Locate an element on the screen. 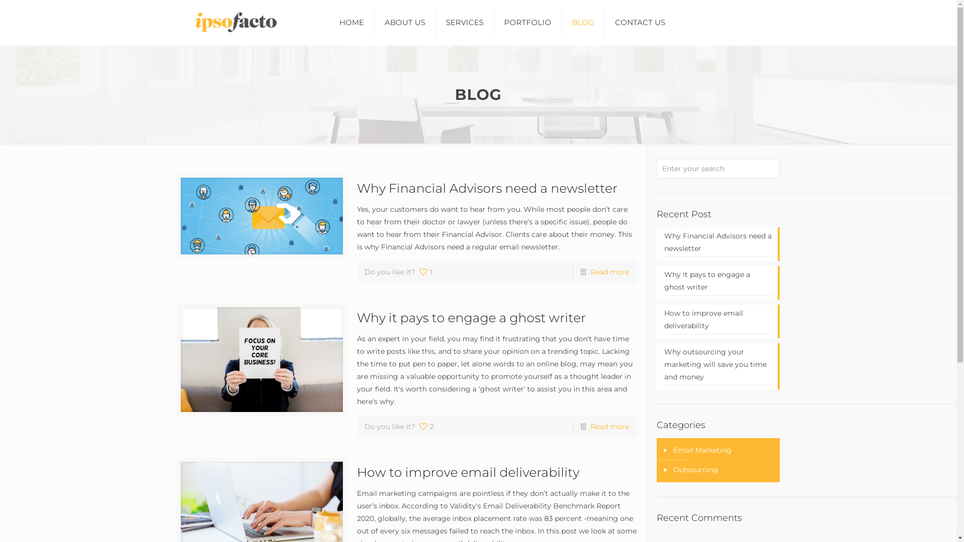  'Why outsourcing your marketing will save you time and money' is located at coordinates (717, 365).